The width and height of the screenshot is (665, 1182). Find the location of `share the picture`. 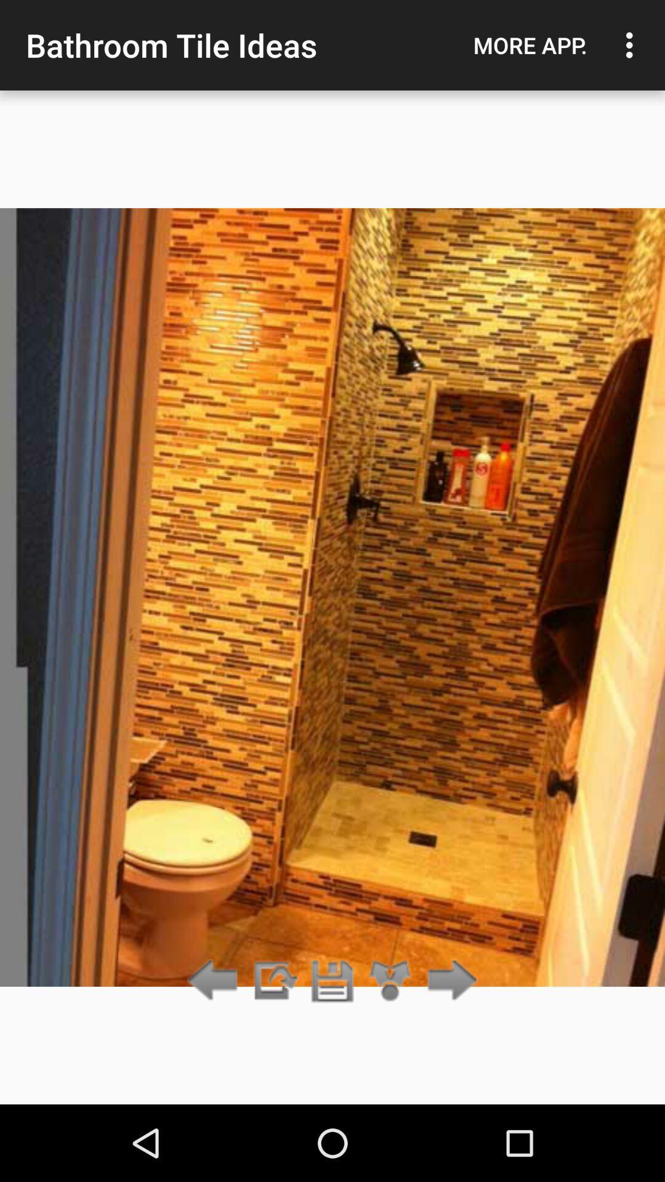

share the picture is located at coordinates (390, 981).